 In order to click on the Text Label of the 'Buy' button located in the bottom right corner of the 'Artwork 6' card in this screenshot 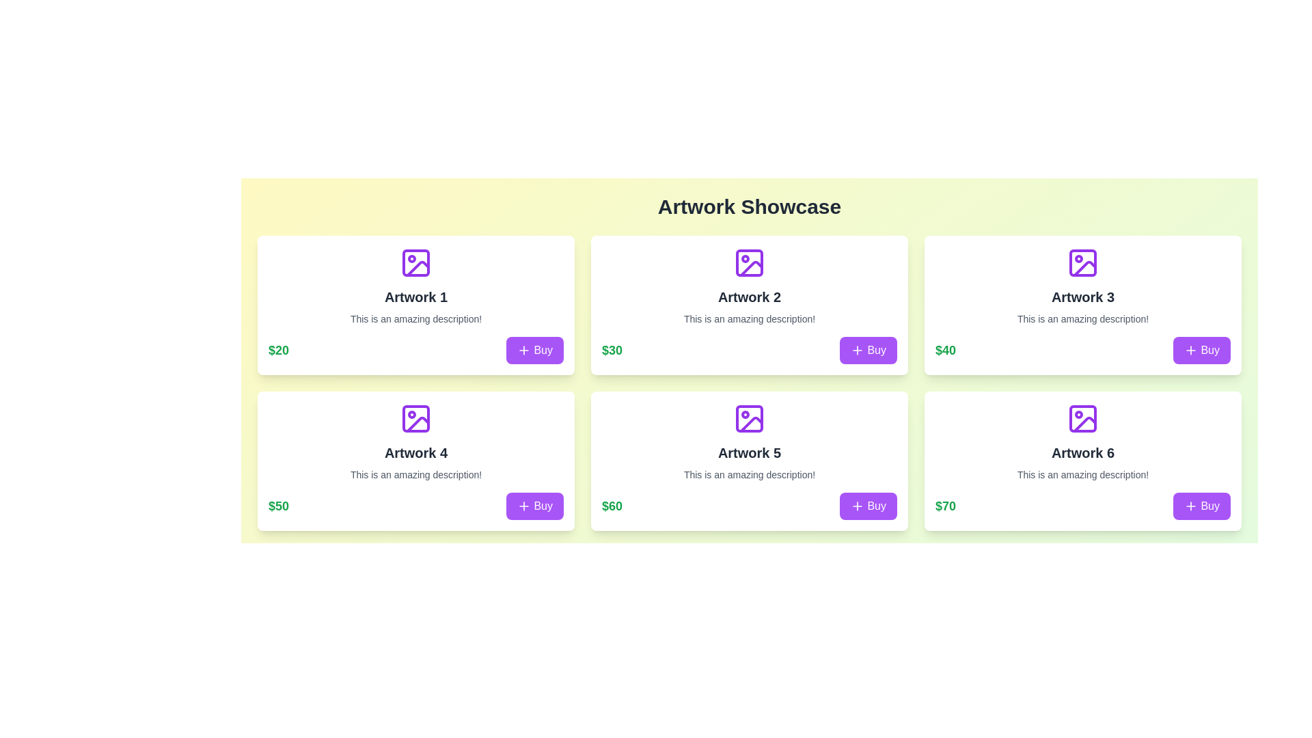, I will do `click(1210, 506)`.